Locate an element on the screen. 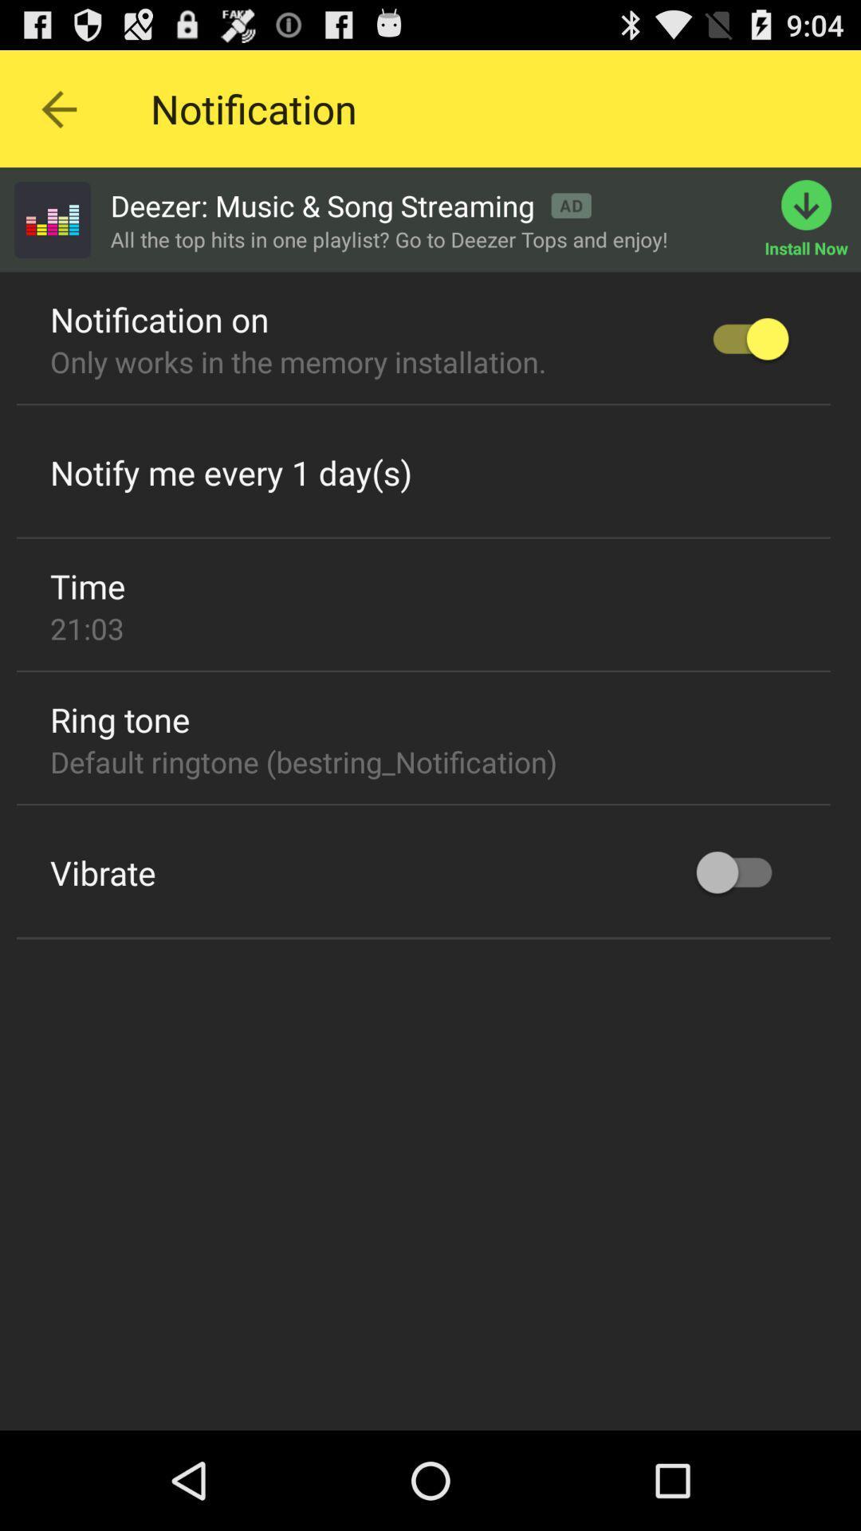 The height and width of the screenshot is (1531, 861). default ringtone (bestring_notification) item is located at coordinates (304, 761).